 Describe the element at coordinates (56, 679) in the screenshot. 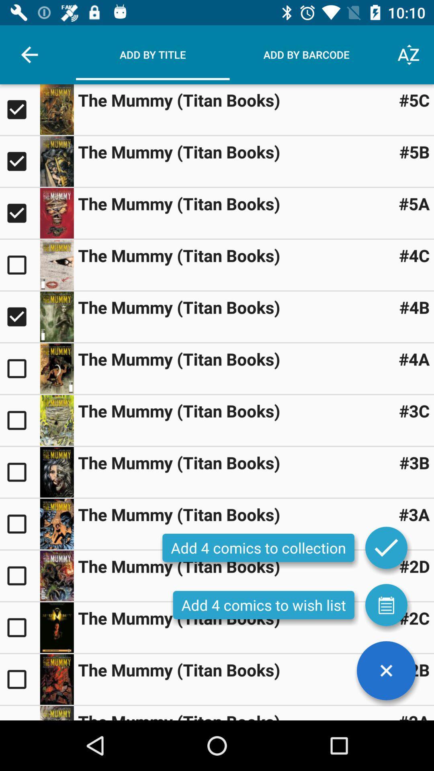

I see `open the book cover` at that location.